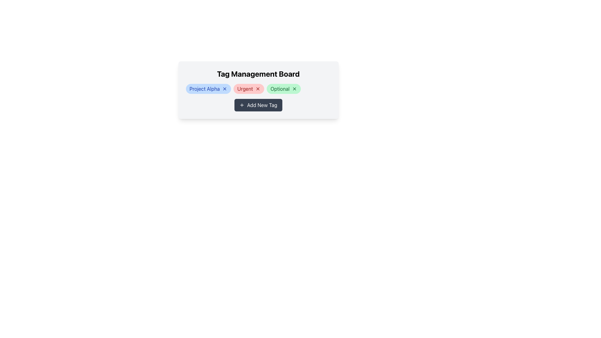 The image size is (601, 338). What do you see at coordinates (225, 89) in the screenshot?
I see `the blue 'X' icon button` at bounding box center [225, 89].